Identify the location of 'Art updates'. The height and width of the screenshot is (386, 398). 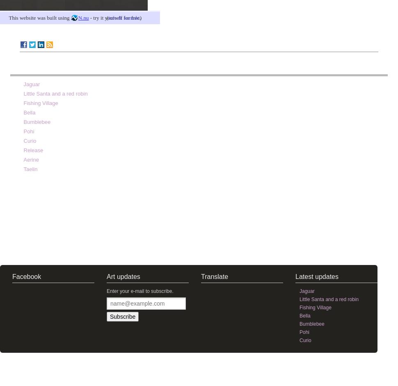
(123, 276).